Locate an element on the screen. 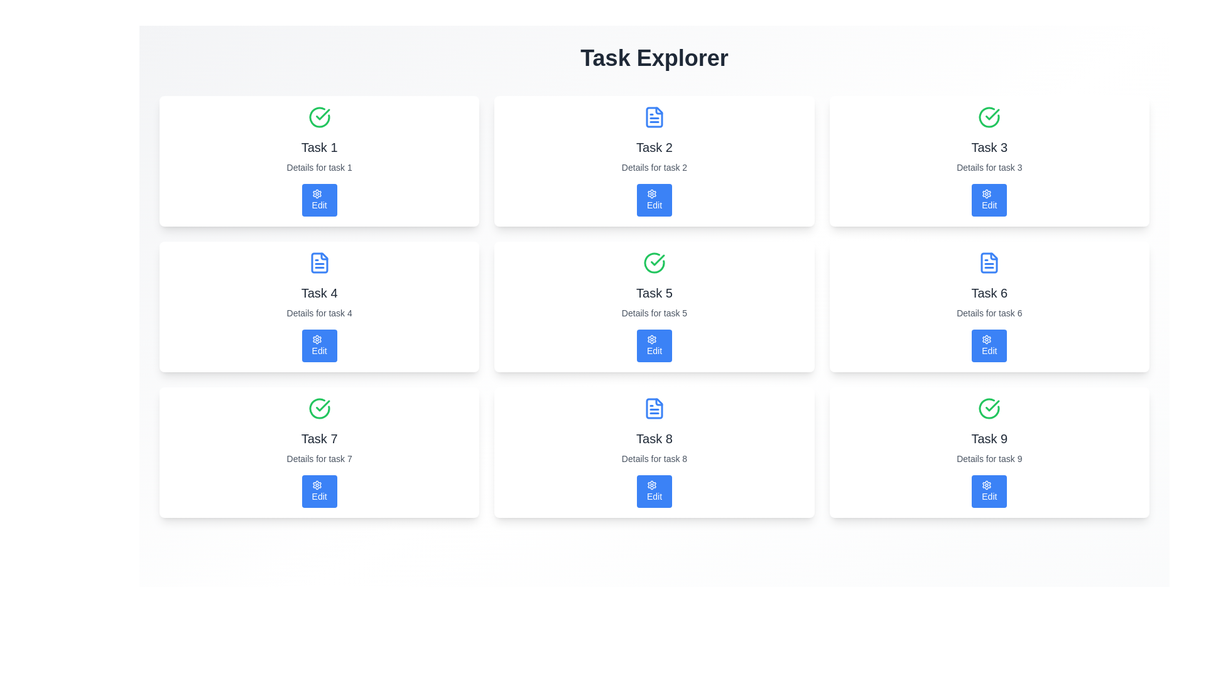 The image size is (1206, 678). the information represented by the checkmark icon within the circle, which indicates the completion status of 'Task 3' is located at coordinates (992, 114).